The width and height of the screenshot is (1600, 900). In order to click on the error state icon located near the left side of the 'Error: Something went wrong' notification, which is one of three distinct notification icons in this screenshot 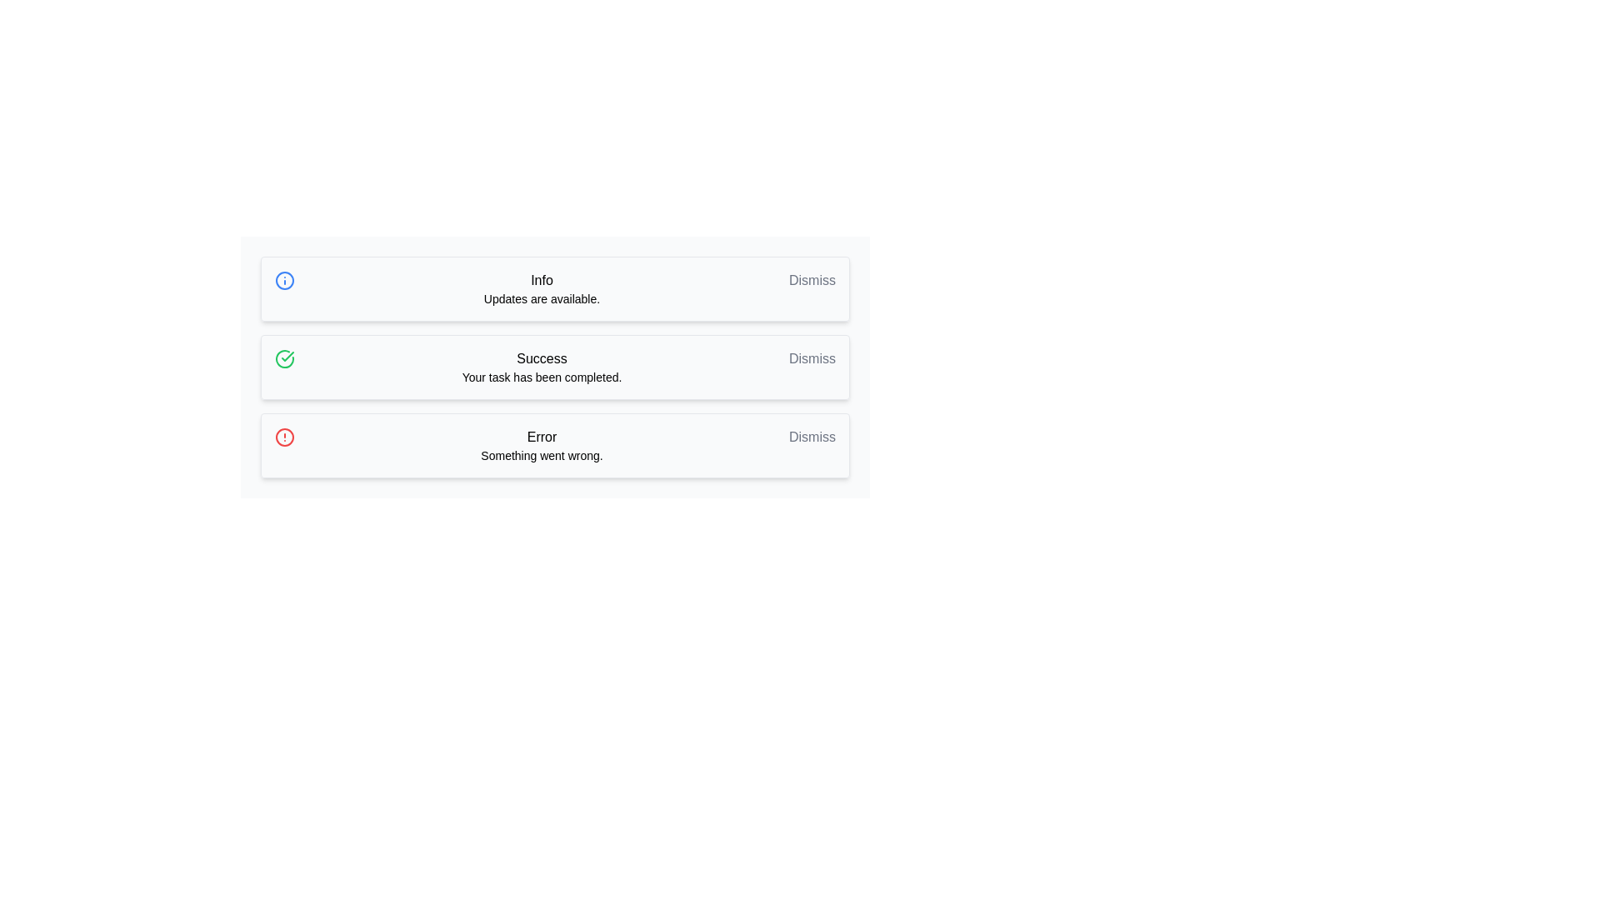, I will do `click(284, 436)`.